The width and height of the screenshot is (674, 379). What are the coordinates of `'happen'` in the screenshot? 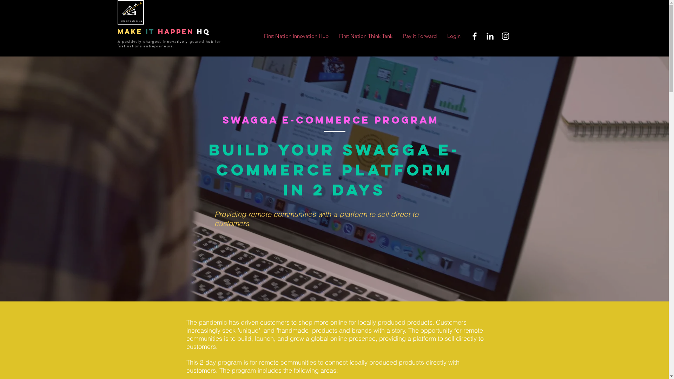 It's located at (176, 31).